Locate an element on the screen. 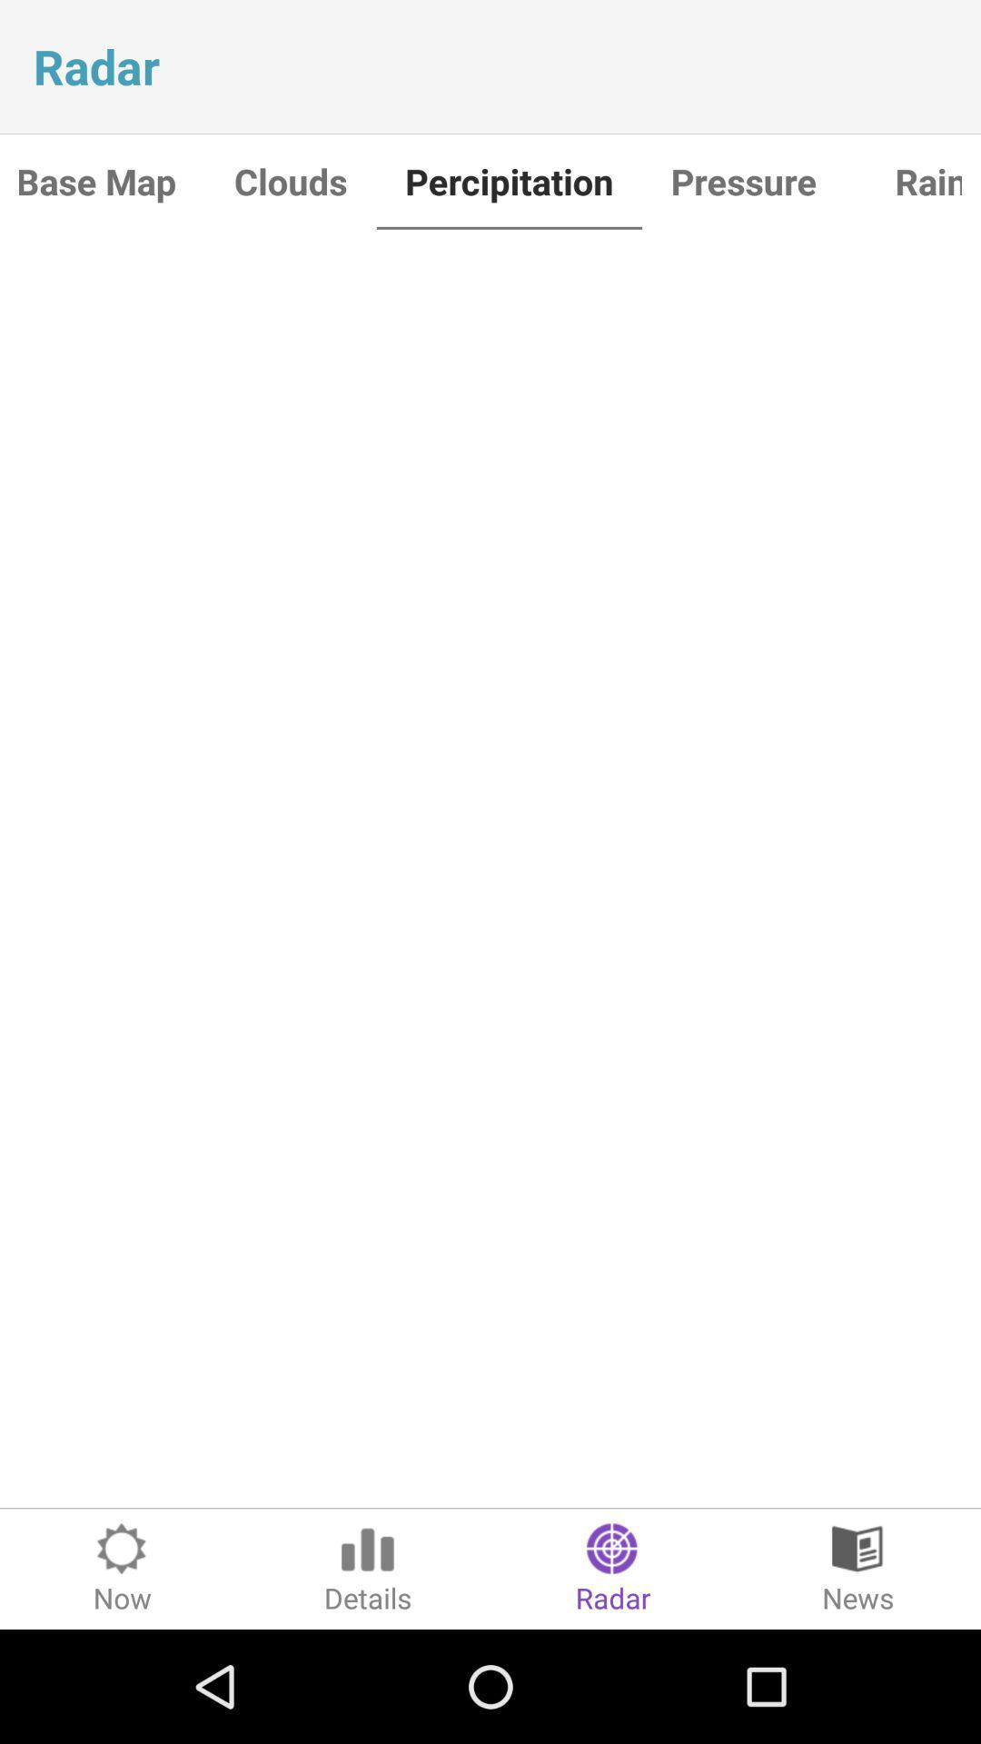  icon next to now item is located at coordinates (368, 1568).